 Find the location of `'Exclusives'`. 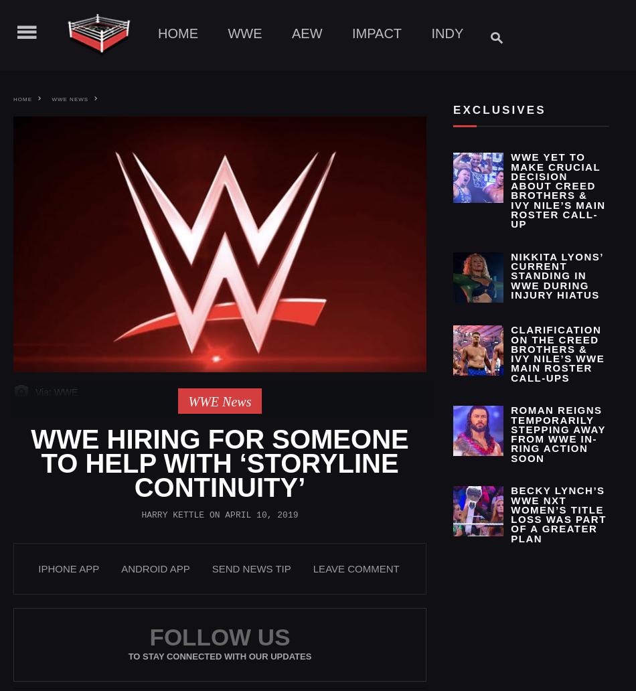

'Exclusives' is located at coordinates (499, 109).